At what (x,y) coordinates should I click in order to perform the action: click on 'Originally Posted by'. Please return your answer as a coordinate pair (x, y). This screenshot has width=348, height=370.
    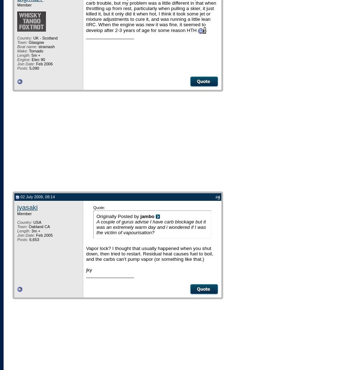
    Looking at the image, I should click on (118, 216).